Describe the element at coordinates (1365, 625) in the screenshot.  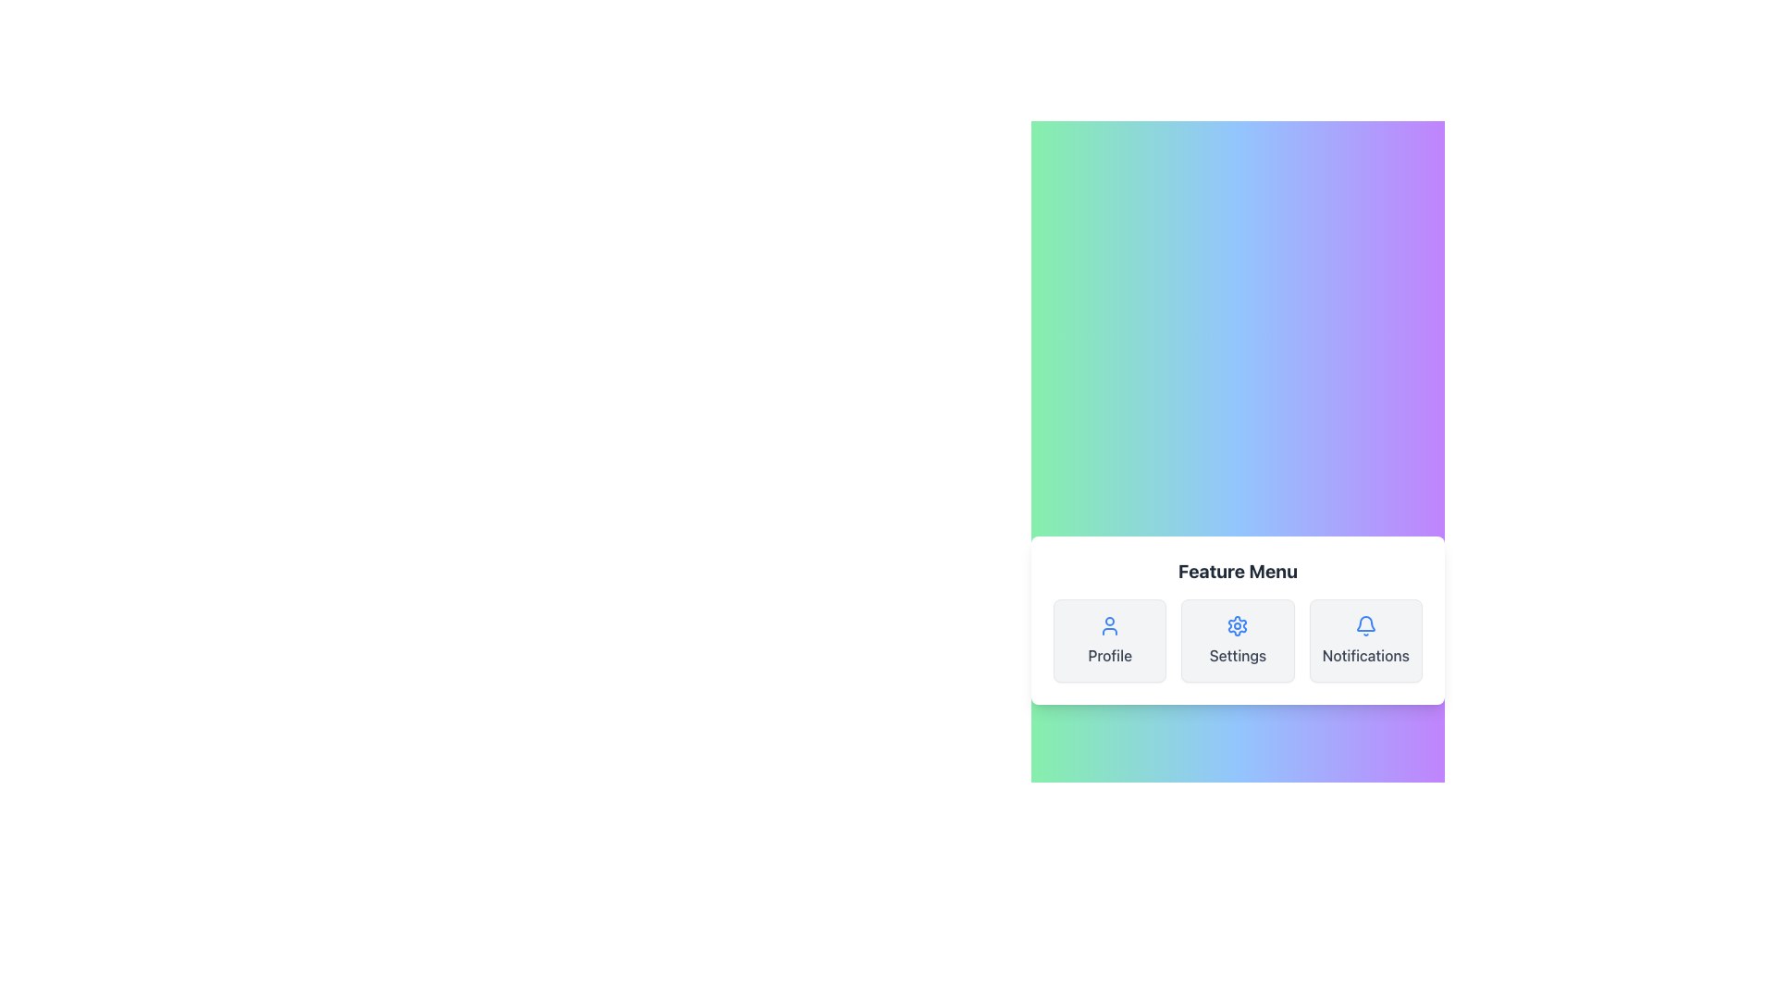
I see `the blue bell icon within the 'Notifications' button located in the bottom-right section of the feature menu panel, to the right of the 'Settings' button` at that location.